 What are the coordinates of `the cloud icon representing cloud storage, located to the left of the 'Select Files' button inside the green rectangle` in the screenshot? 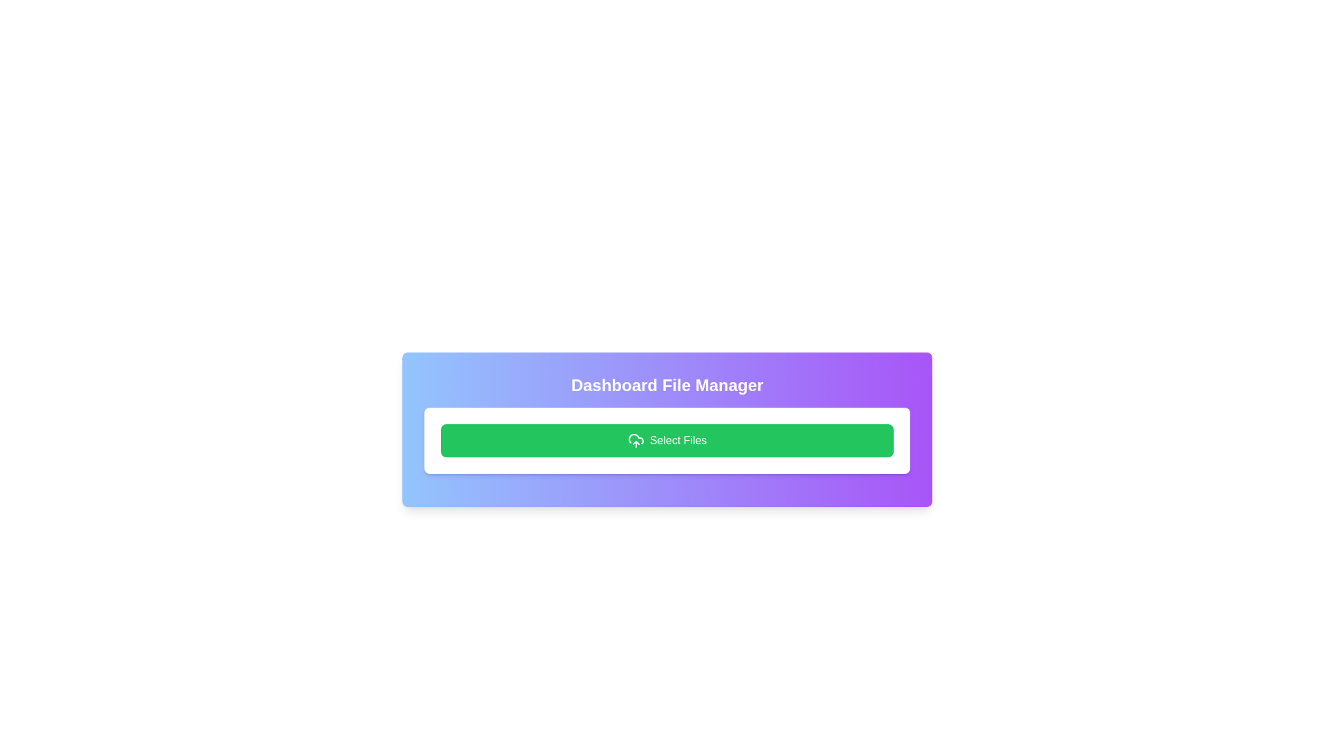 It's located at (635, 439).